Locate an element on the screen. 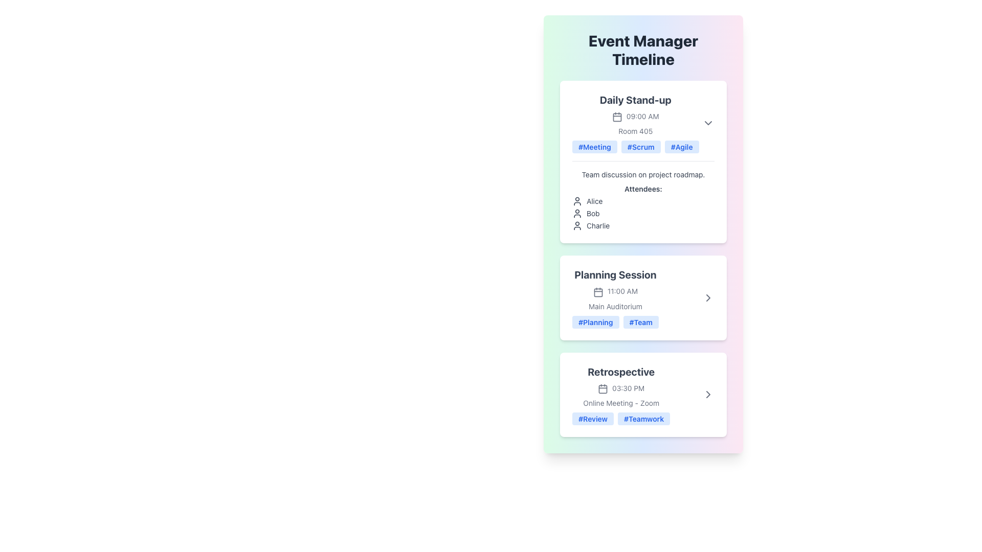  the Tag List containing the tags '#Meeting', '#Scrum', and '#Agile', located in the lower section of the 'Daily Stand-up' card, just above the meeting purpose text is located at coordinates (635, 147).